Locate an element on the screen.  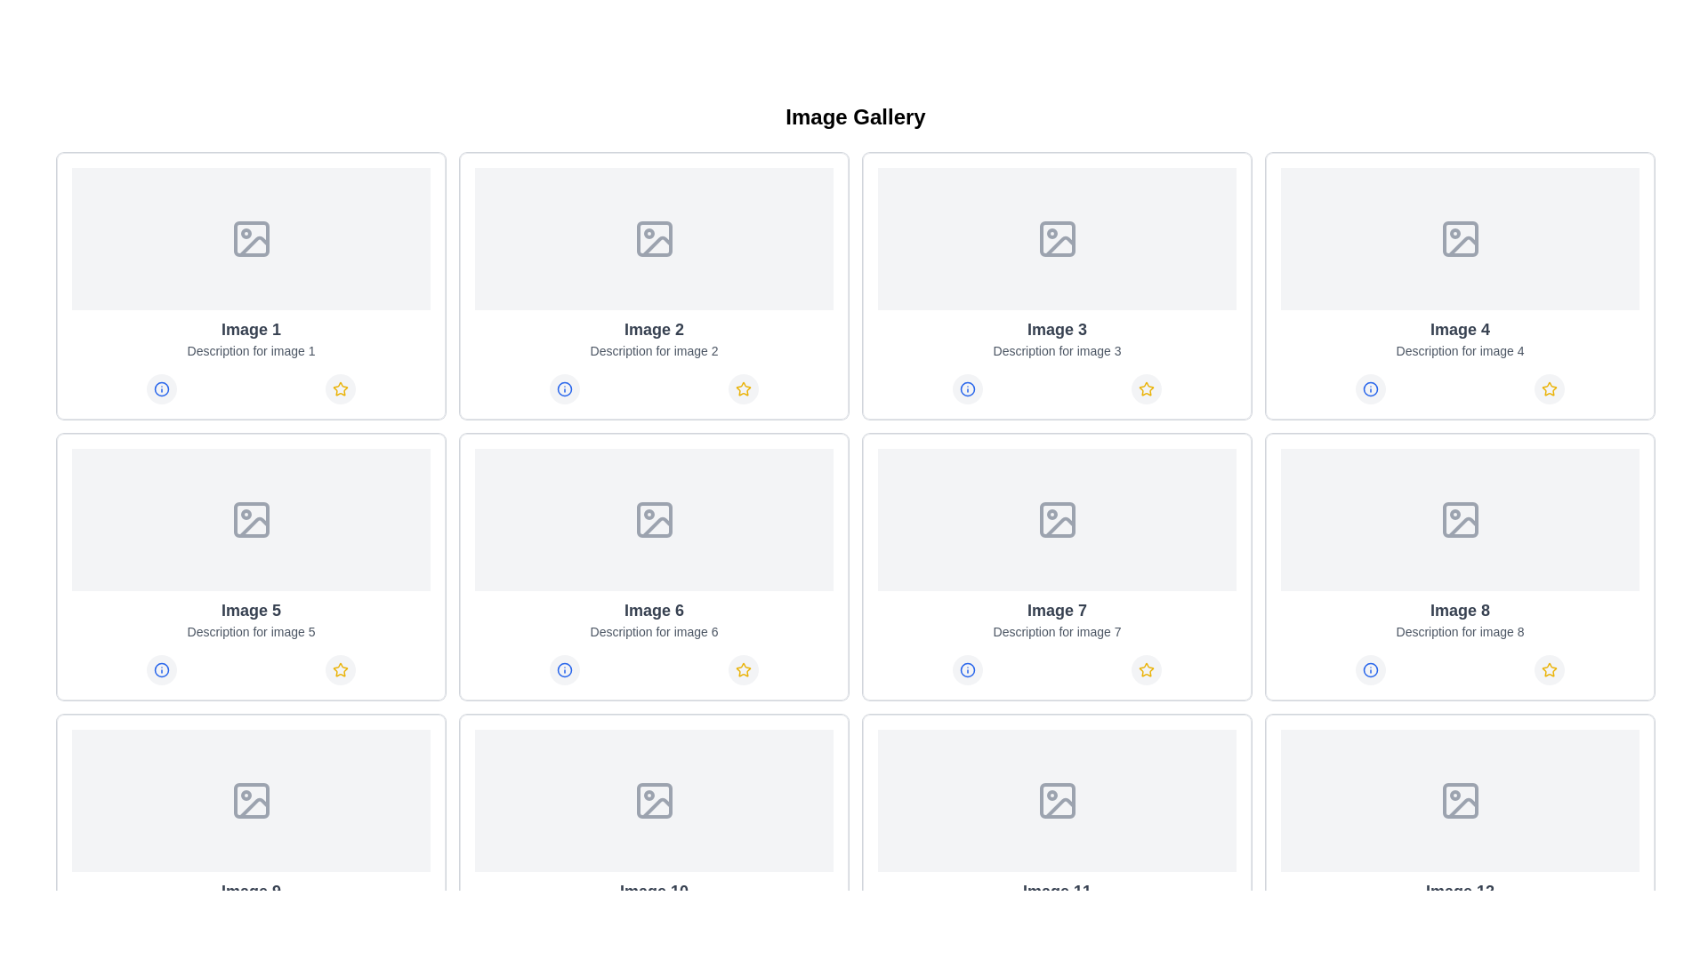
the static text label displaying 'Image 11', which is styled in a large, bold font and located at the bottom-right of a card in a 3x4 layout grid is located at coordinates (1057, 891).